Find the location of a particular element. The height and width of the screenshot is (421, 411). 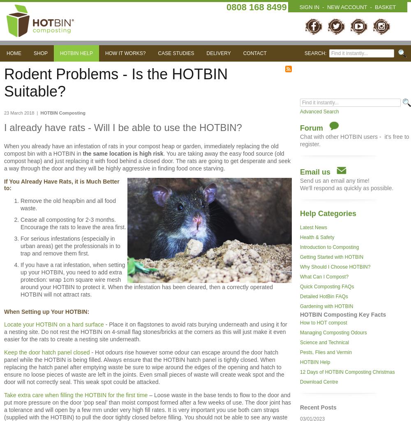

'- Hot odours rise however some odour can escape around the door hatch panel while the HOTBIN is being filled. Always ensure that the HOTBIN hatch panel is tightly closed. When replacing the hatch panel after emptying waste be sure to wipe around the edges of the opening and hatch to ensure no loose pieces of waste are left in the joints. Even small pieces of waste will create weak spot and the door will not correctly seal. This weak spot could be attacked.' is located at coordinates (4, 367).